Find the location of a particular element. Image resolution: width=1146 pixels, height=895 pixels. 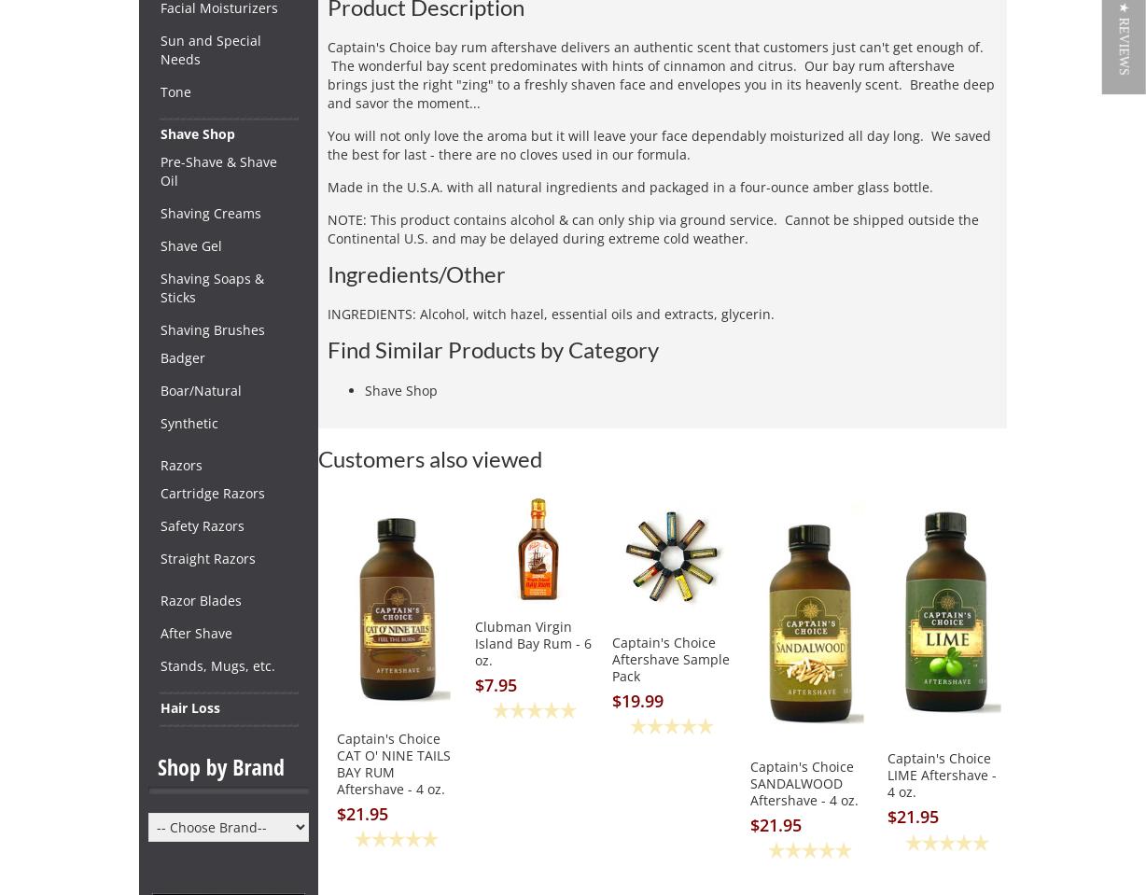

'You will not only love the aroma but it will leave your face dependably moisturized all day long.  We saved the best for last - there are no cloves used in our formula.' is located at coordinates (659, 144).